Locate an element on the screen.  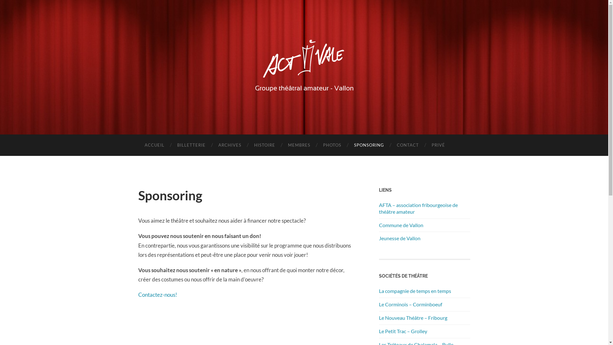
'CONTACT' is located at coordinates (407, 145).